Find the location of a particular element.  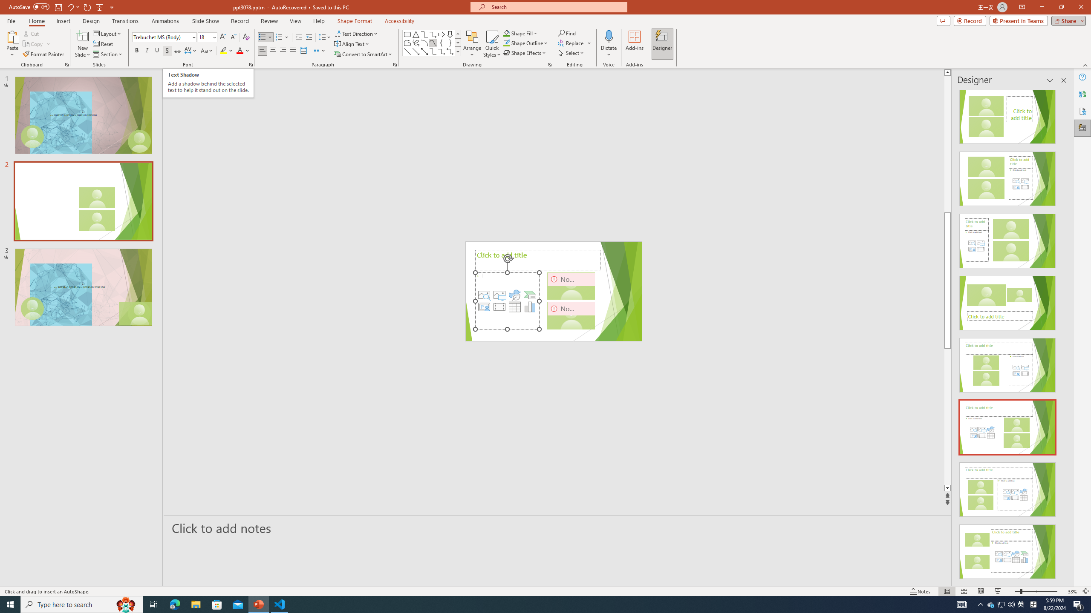

'Camera 3, No camera detected.' is located at coordinates (571, 315).